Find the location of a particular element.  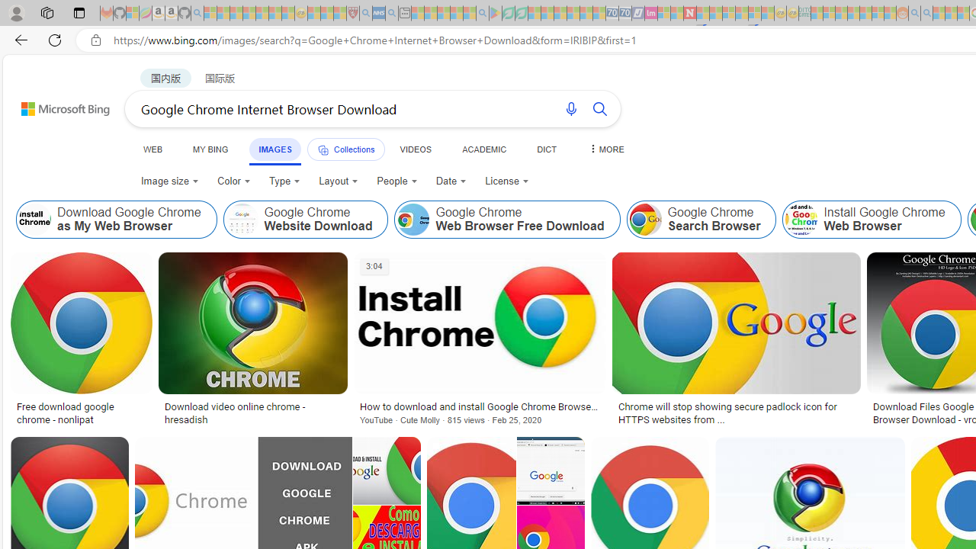

'Free download google chrome - nonlipat' is located at coordinates (80, 413).